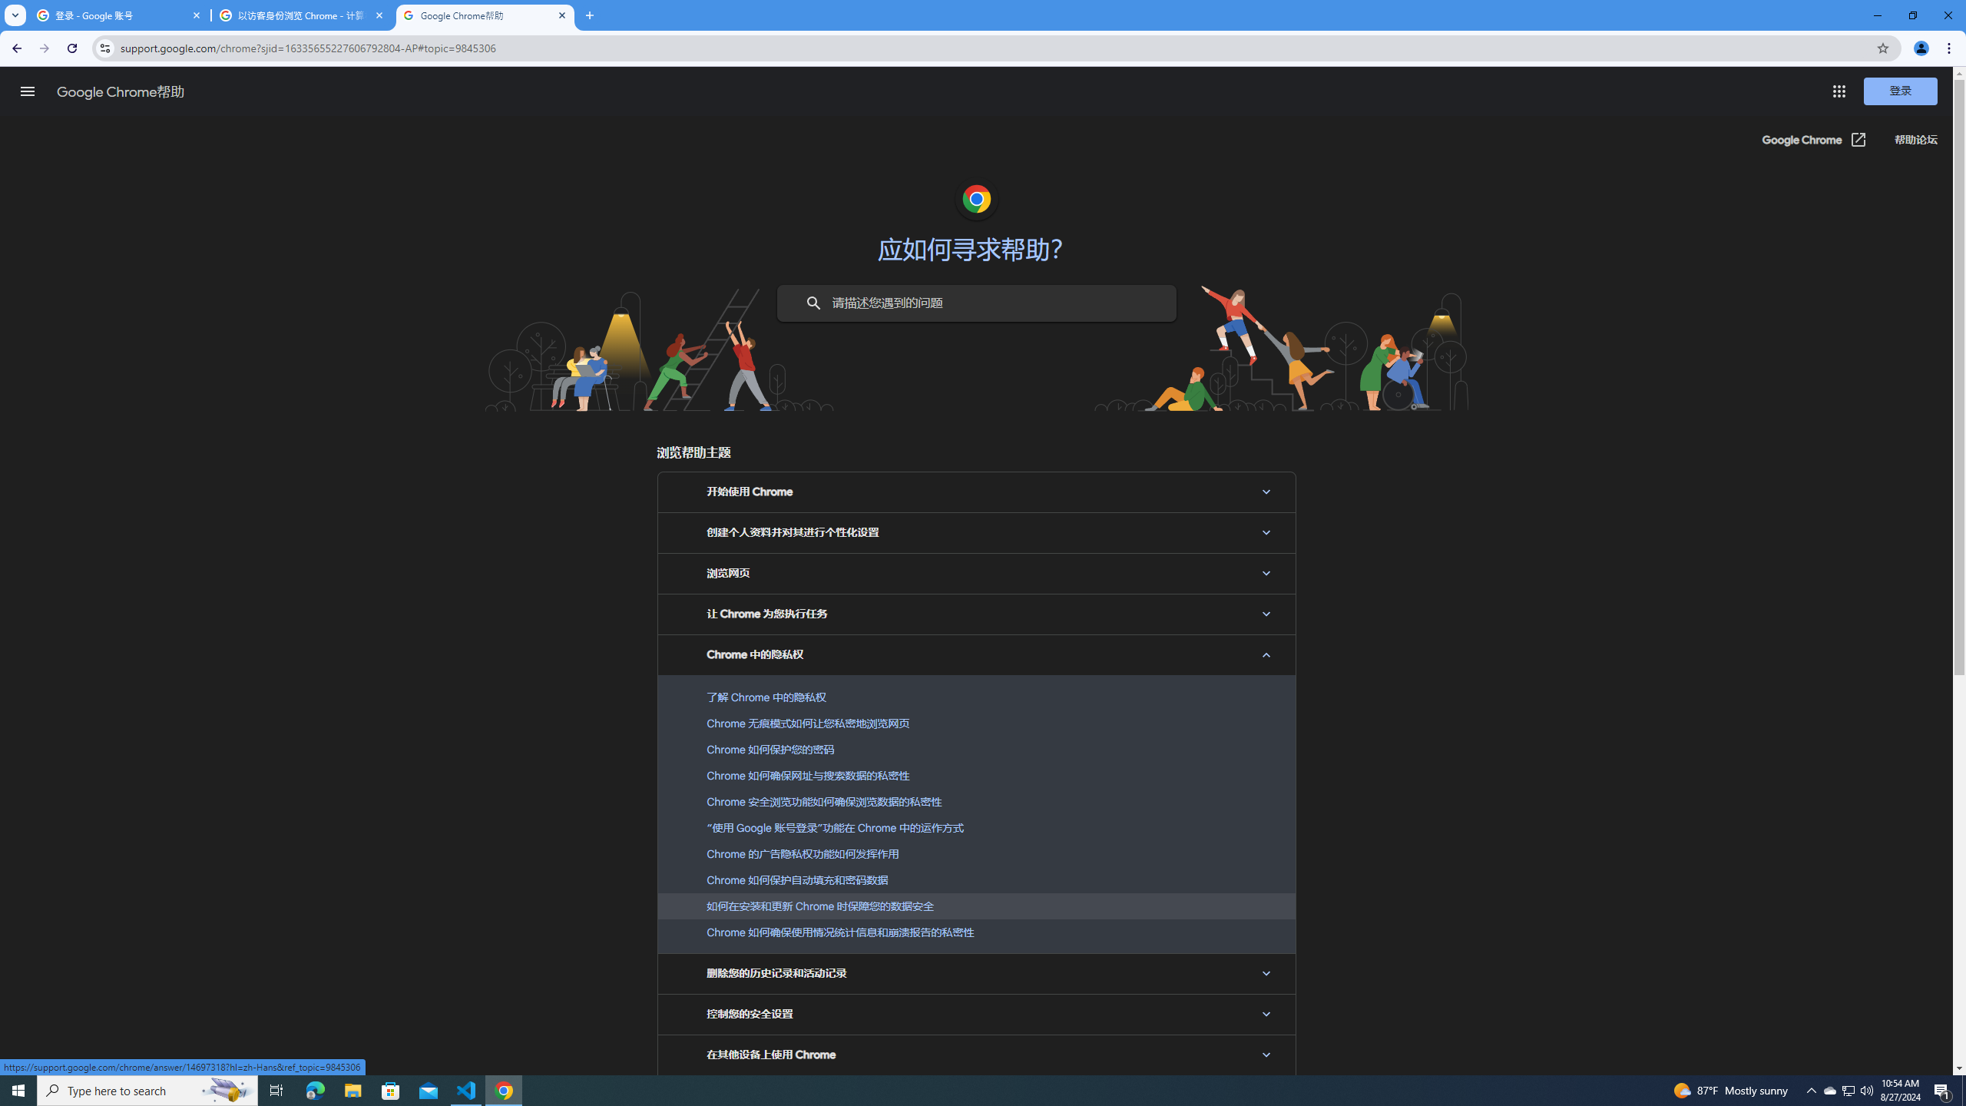 This screenshot has width=1966, height=1106. Describe the element at coordinates (1921, 48) in the screenshot. I see `'You'` at that location.